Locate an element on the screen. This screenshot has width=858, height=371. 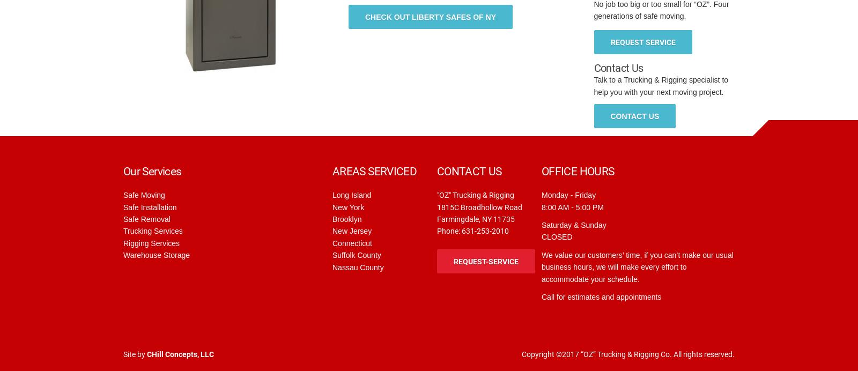
'Suffolk County' is located at coordinates (332, 255).